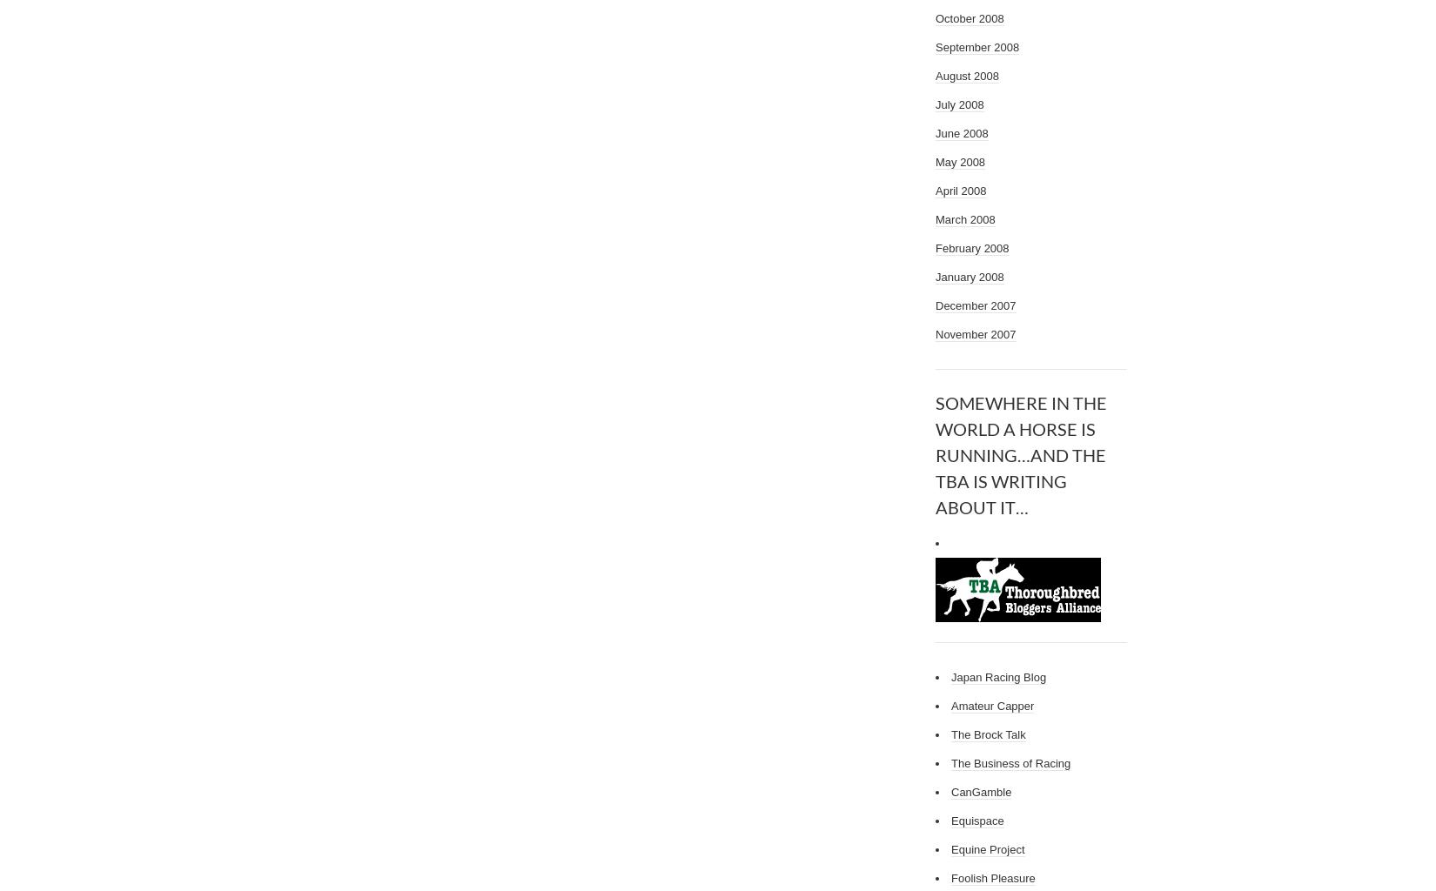  Describe the element at coordinates (972, 248) in the screenshot. I see `'February 2008'` at that location.